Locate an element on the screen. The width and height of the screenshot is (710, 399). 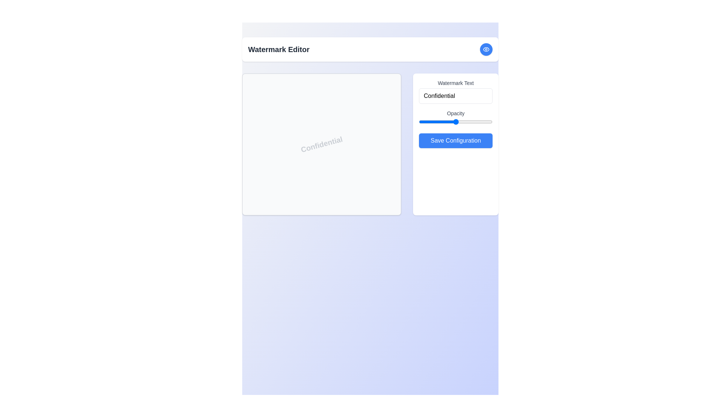
the eye-shaped icon located within the blue circular button in the top-right corner of the interface is located at coordinates (486, 50).